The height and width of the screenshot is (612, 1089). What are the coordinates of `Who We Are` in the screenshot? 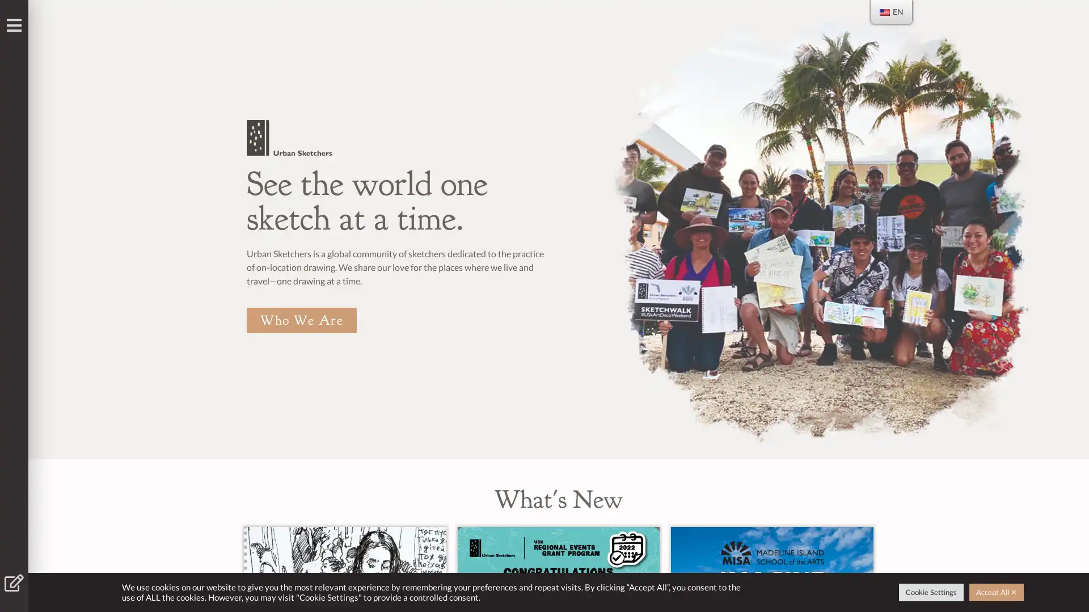 It's located at (302, 320).